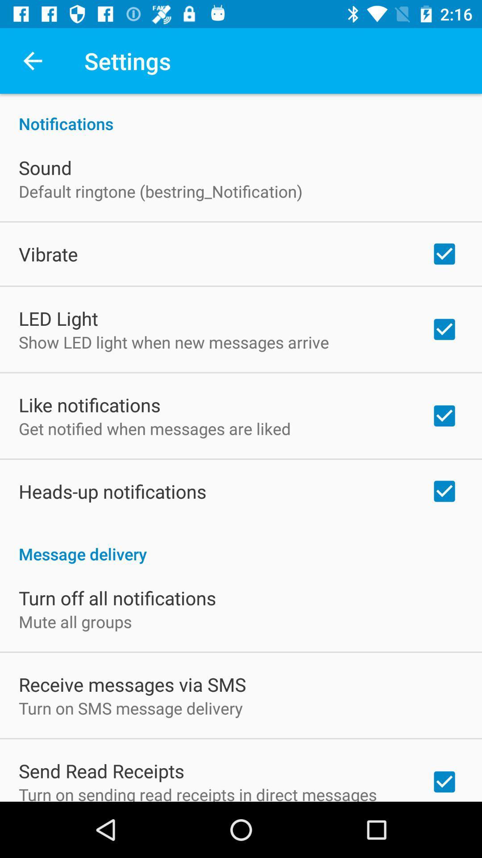  Describe the element at coordinates (160, 191) in the screenshot. I see `default ringtone (bestring_notification) icon` at that location.